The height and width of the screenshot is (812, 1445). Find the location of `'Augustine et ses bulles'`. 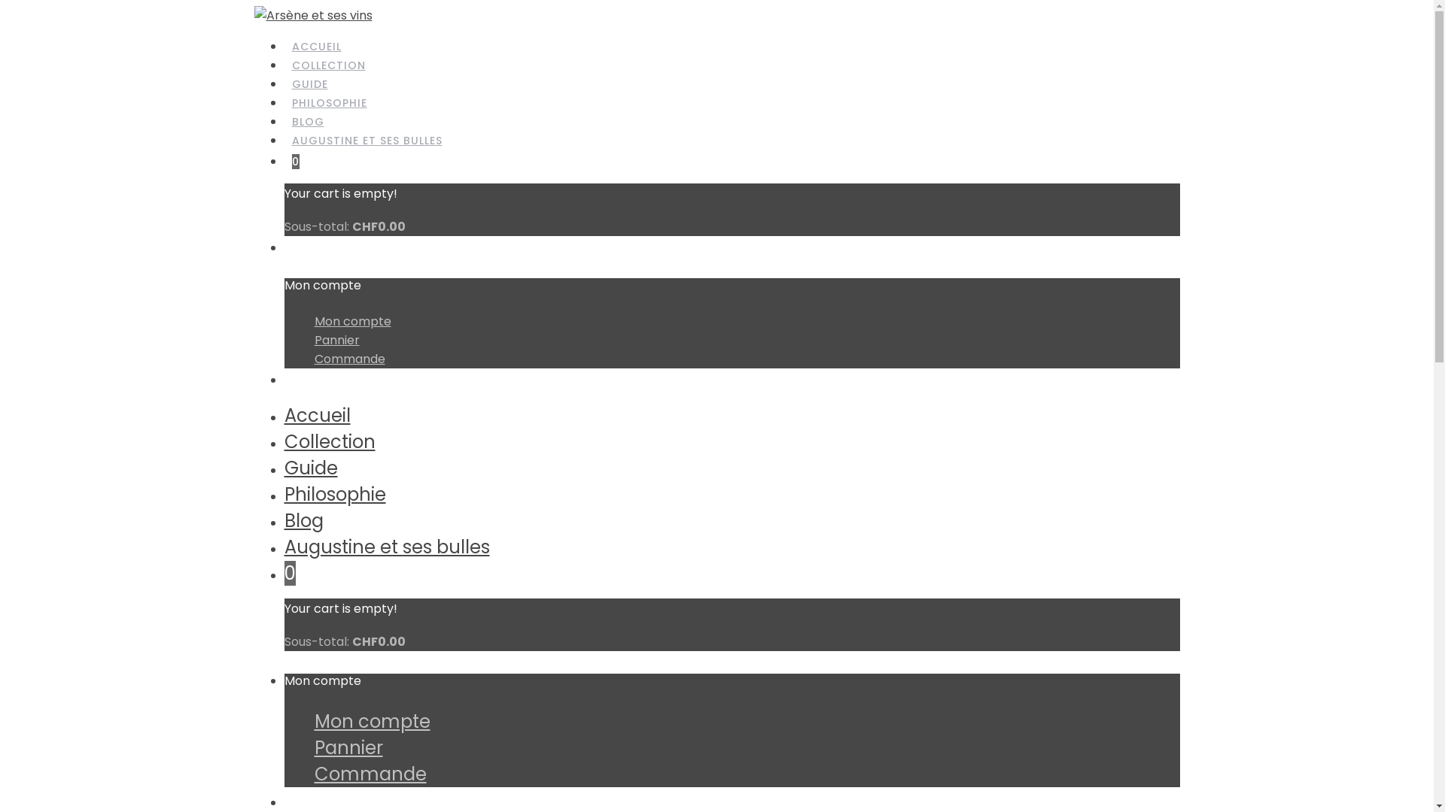

'Augustine et ses bulles' is located at coordinates (387, 547).